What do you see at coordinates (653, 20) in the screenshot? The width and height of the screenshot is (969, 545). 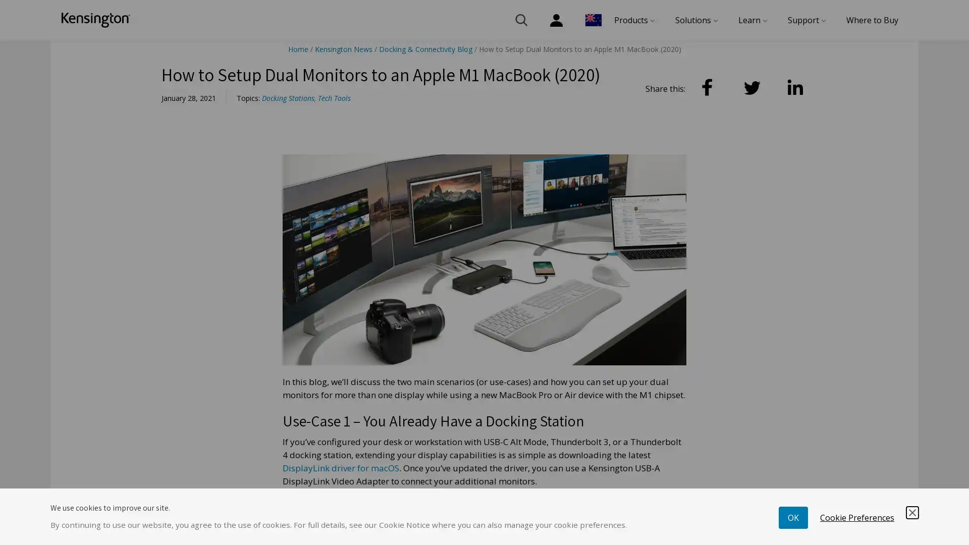 I see `menu` at bounding box center [653, 20].